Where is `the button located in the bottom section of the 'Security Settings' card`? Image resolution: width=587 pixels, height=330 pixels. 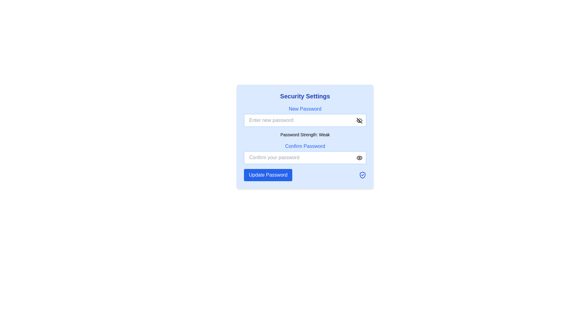 the button located in the bottom section of the 'Security Settings' card is located at coordinates (268, 175).